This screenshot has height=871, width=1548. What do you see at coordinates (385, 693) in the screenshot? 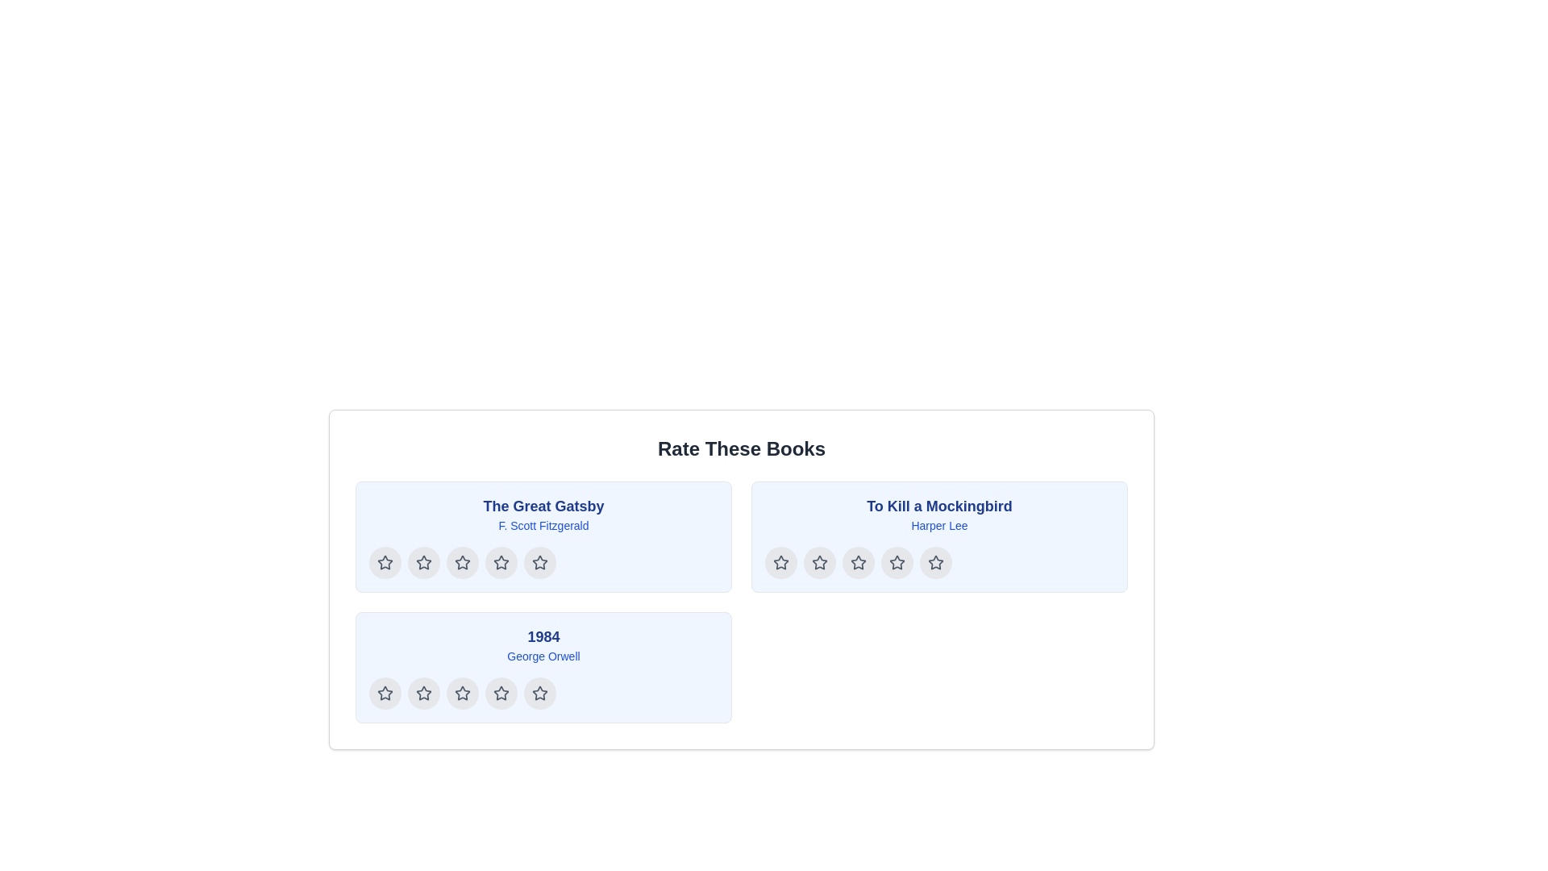
I see `the first star icon in the five-star rating system for '1984' by George Orwell, located at the bottom left of the second book rating row` at bounding box center [385, 693].